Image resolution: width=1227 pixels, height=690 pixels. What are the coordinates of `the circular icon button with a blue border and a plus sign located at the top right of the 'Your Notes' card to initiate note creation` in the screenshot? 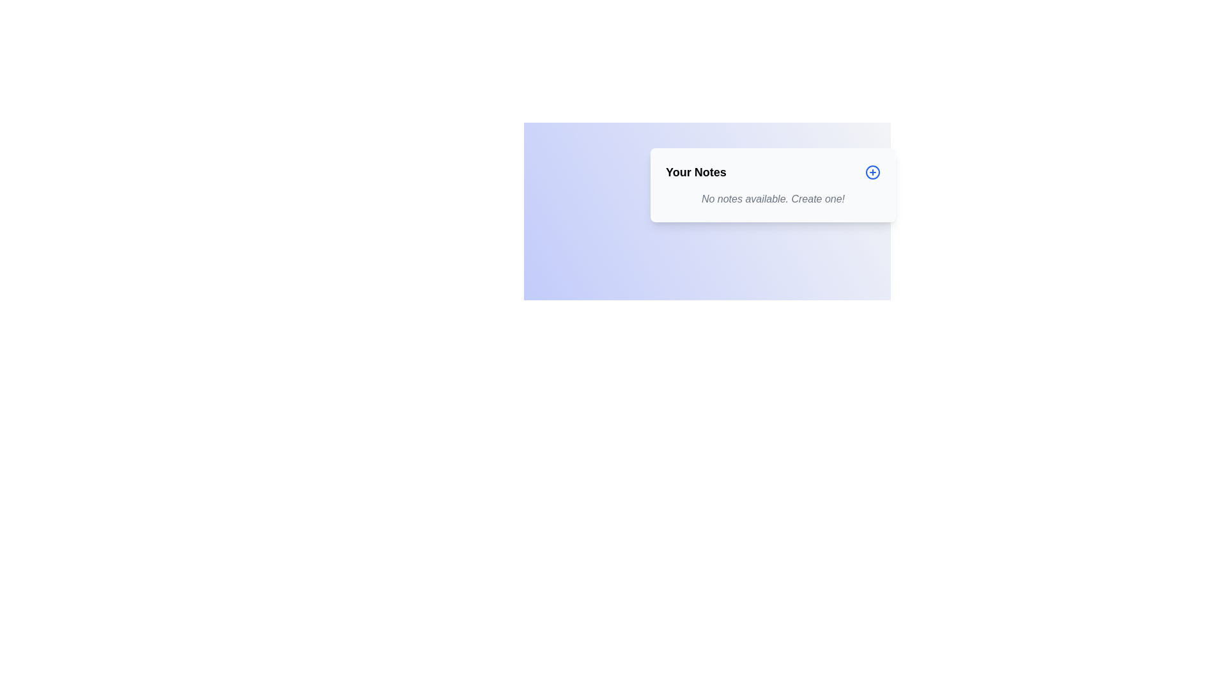 It's located at (872, 172).